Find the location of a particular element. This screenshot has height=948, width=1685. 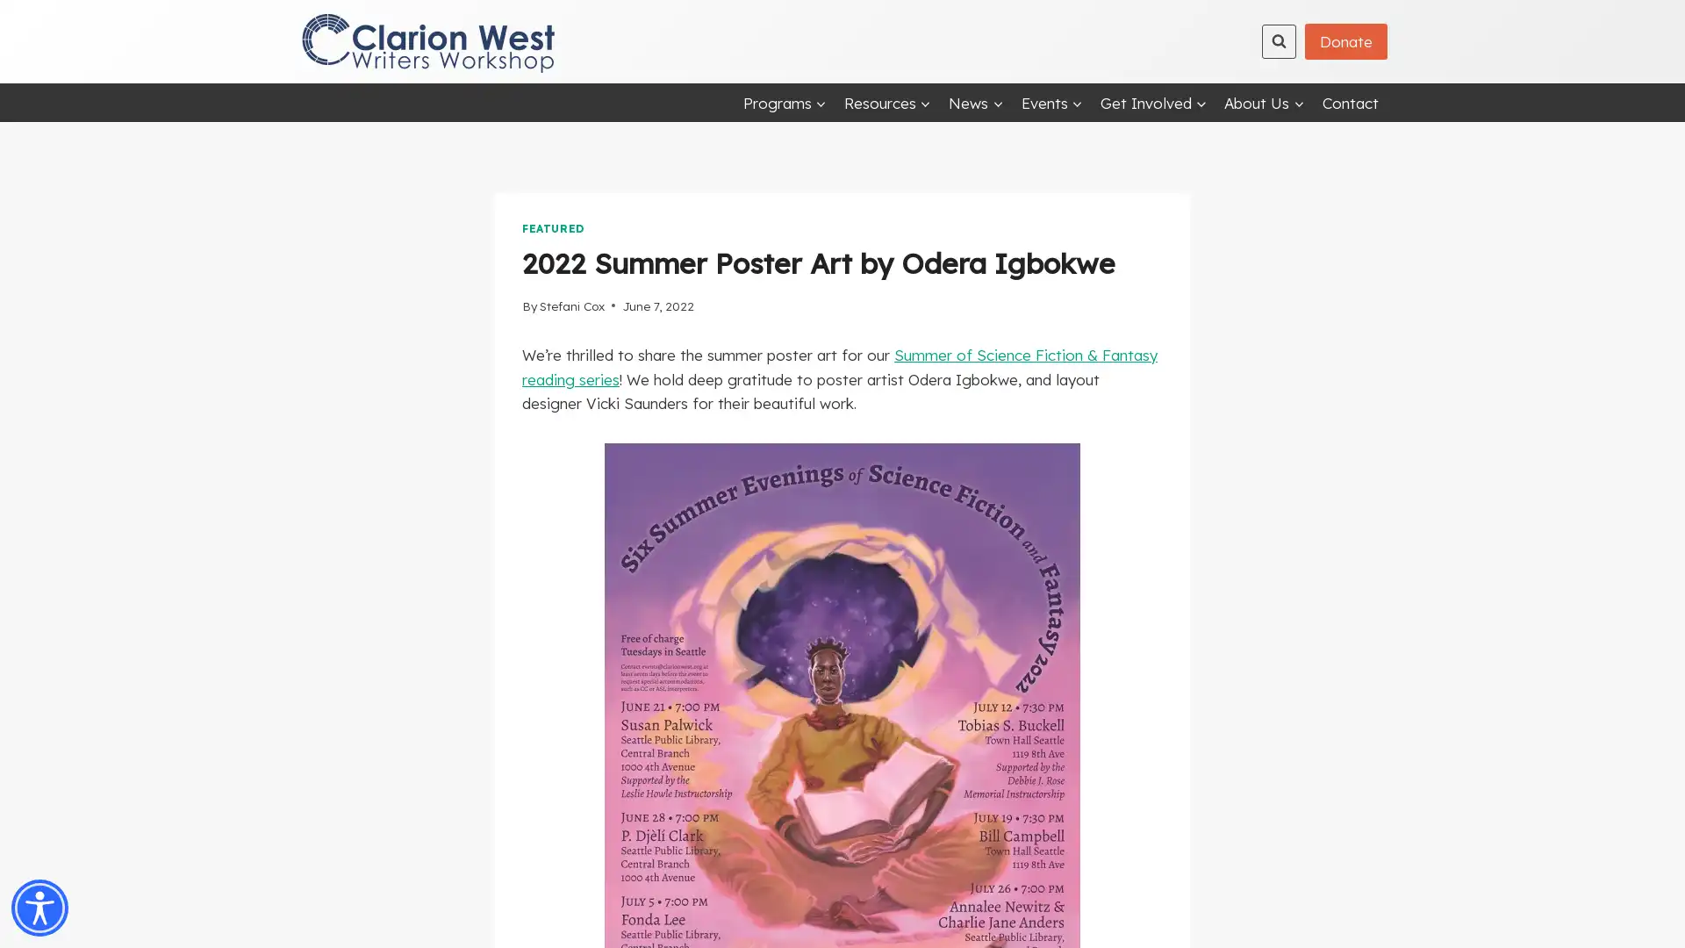

Expand child menu is located at coordinates (1153, 102).